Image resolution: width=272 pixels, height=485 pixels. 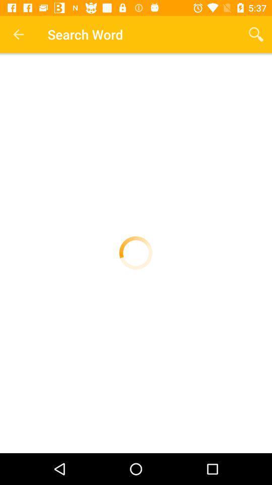 I want to click on item to the left of search word icon, so click(x=18, y=34).